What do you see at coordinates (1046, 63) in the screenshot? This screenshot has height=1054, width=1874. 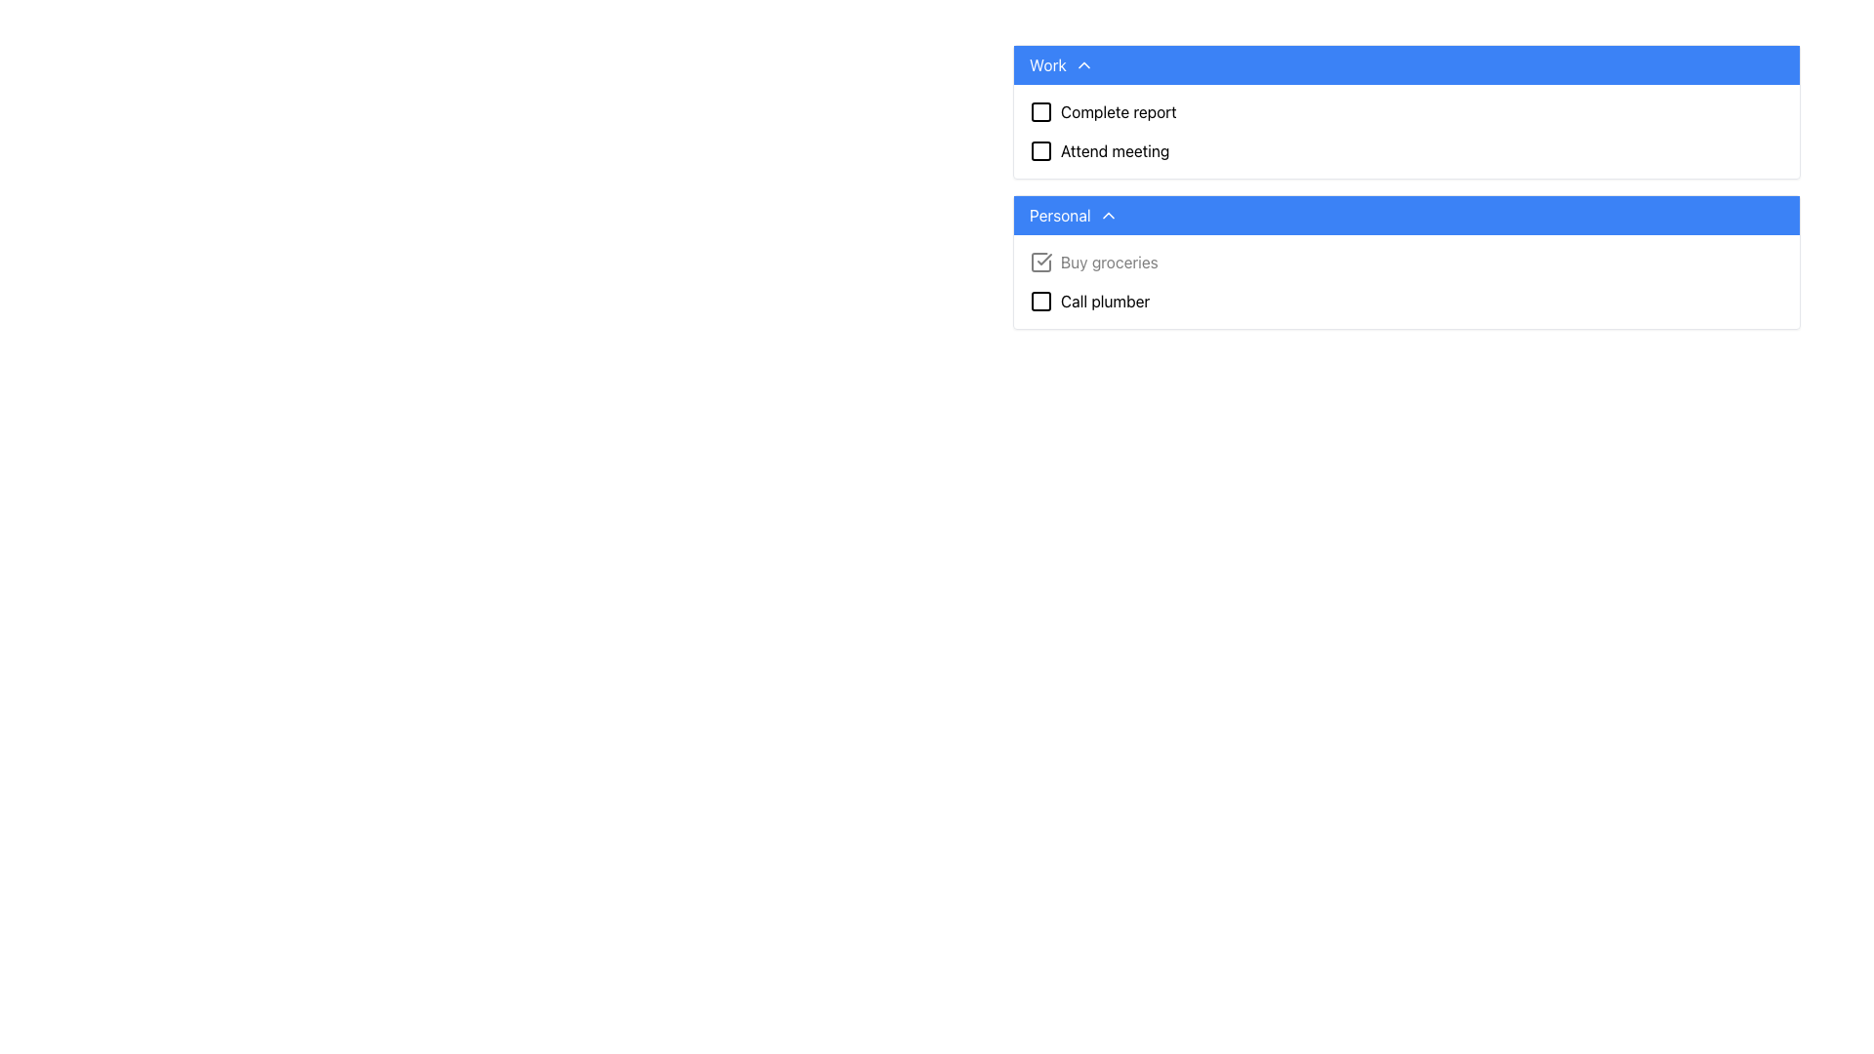 I see `the 'Work' text label with class styling 'mr-2' located in the upper-left corner of the blue header section, positioned before the upward arrow icon` at bounding box center [1046, 63].